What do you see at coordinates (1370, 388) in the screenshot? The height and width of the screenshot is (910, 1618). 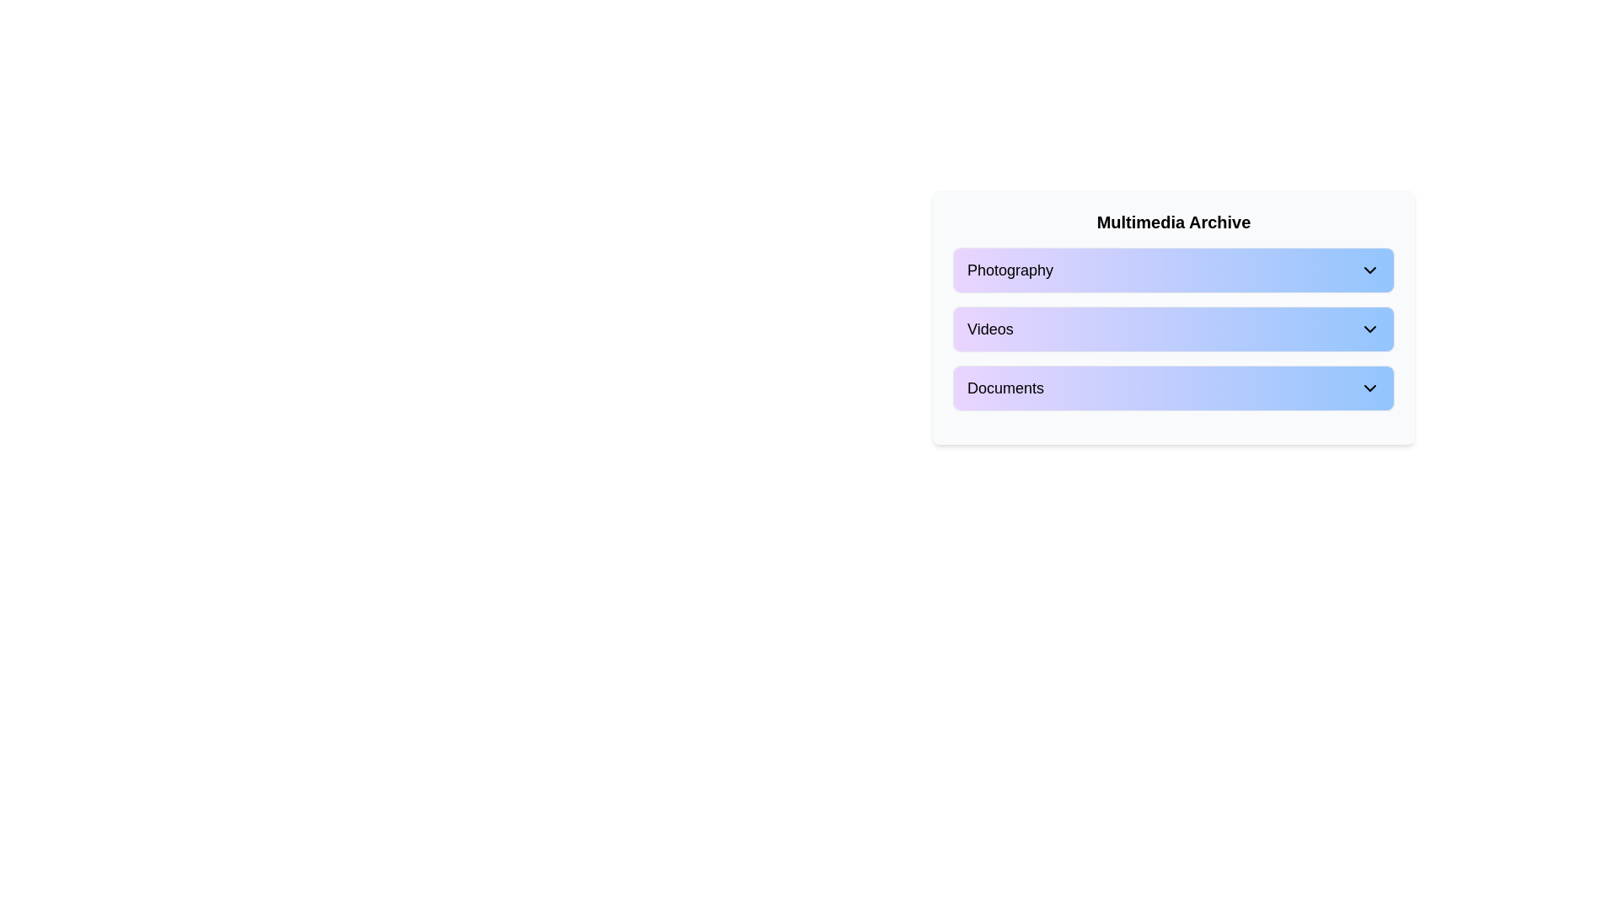 I see `the chevron-down icon at the far right of the 'Documents' button` at bounding box center [1370, 388].